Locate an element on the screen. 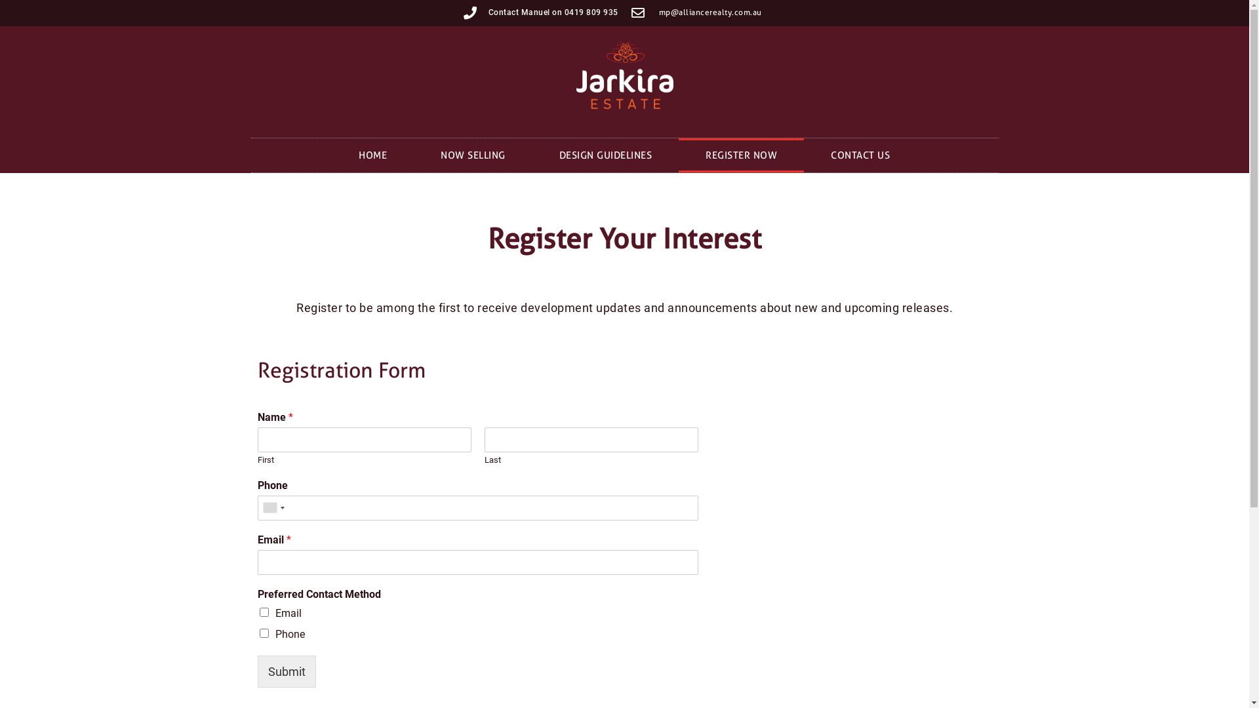  'HOME' is located at coordinates (372, 154).